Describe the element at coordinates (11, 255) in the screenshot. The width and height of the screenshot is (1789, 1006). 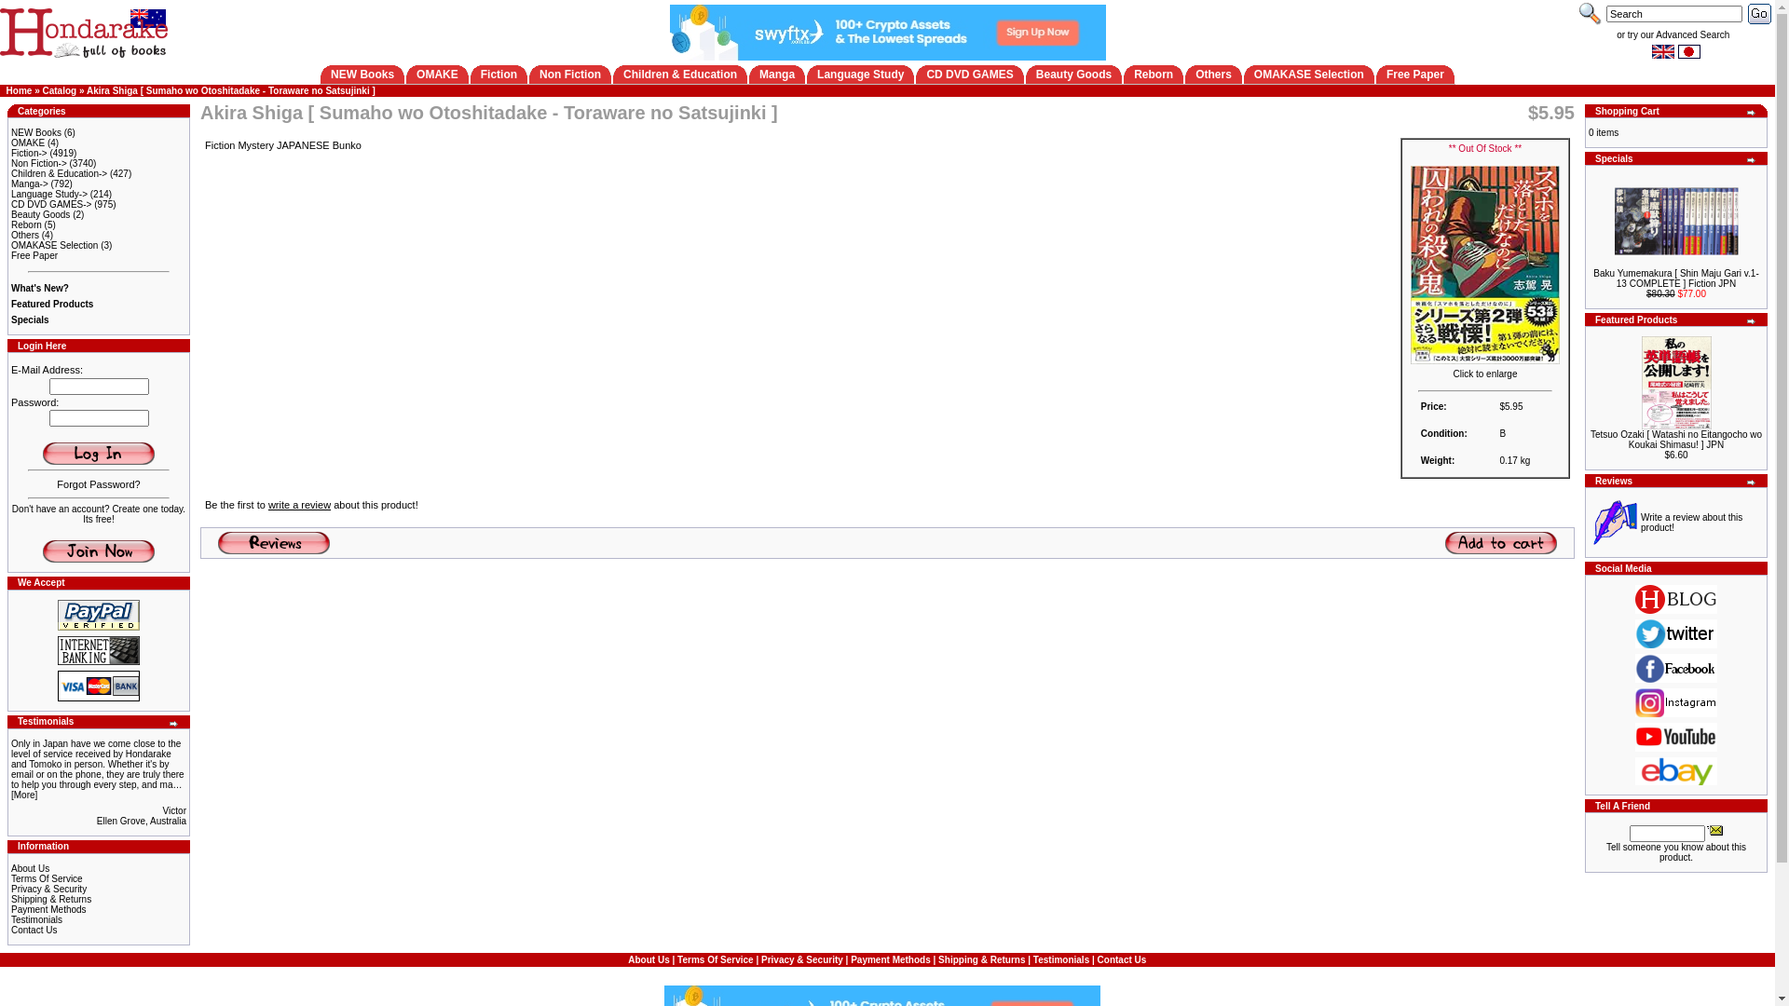
I see `'Free Paper'` at that location.